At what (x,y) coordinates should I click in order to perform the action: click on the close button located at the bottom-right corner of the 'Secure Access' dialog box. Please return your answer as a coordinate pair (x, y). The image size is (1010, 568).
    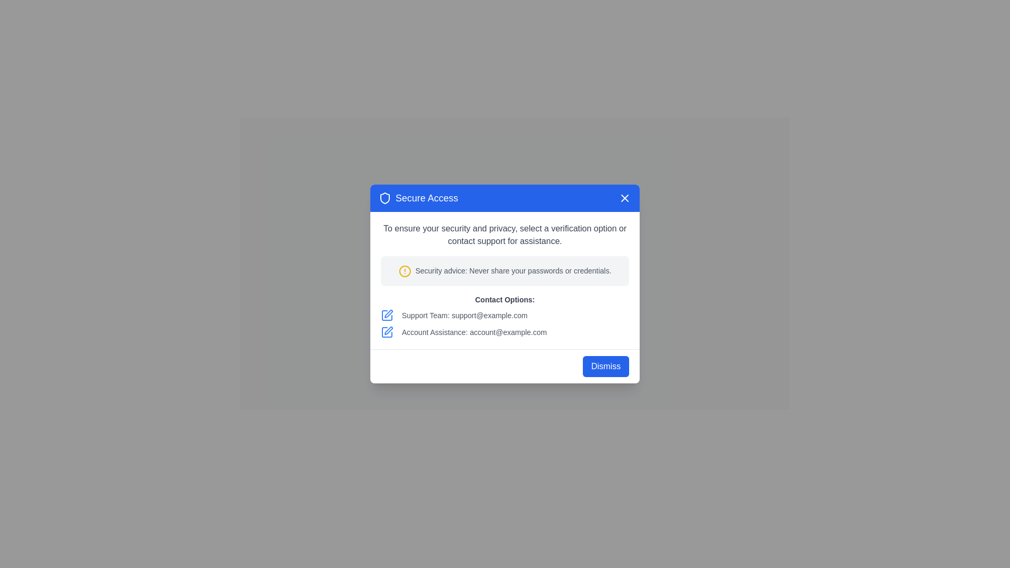
    Looking at the image, I should click on (606, 365).